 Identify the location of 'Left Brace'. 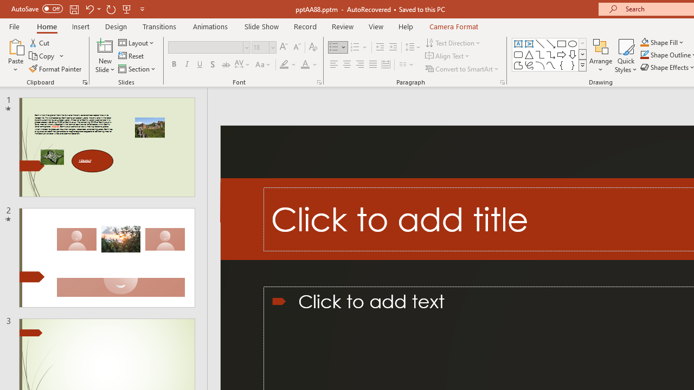
(562, 65).